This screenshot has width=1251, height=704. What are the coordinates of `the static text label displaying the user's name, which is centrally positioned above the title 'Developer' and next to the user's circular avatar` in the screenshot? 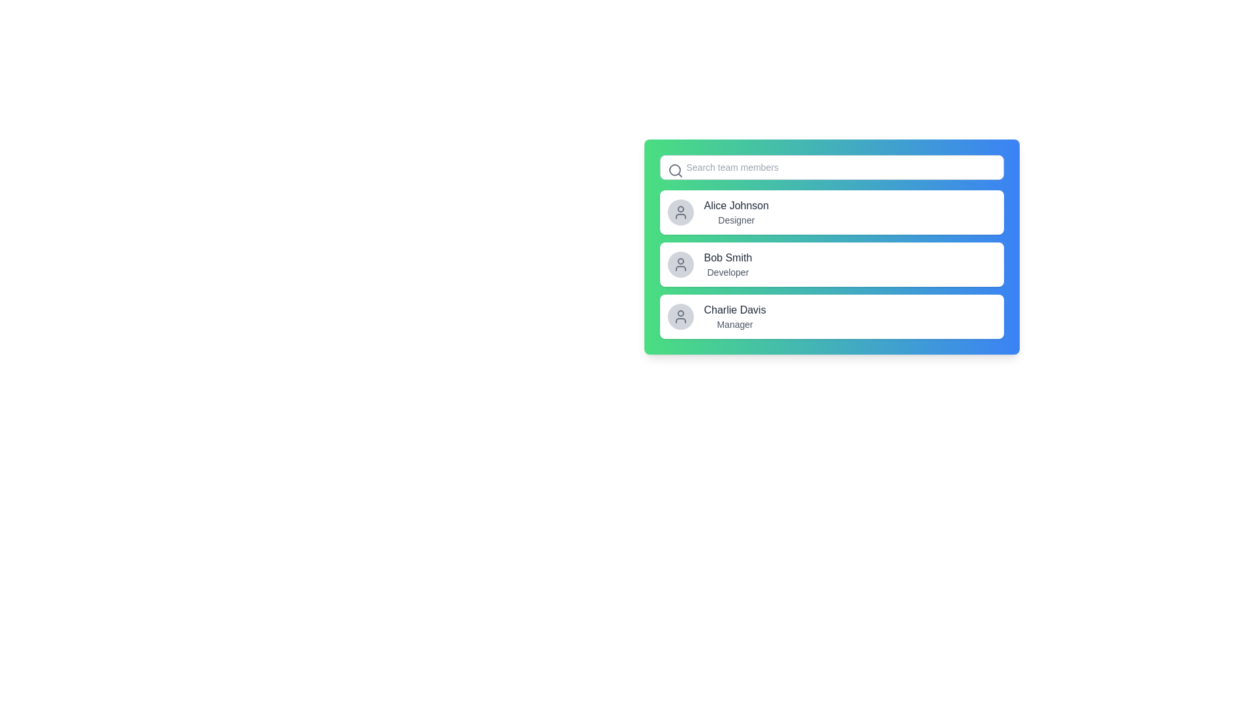 It's located at (727, 258).